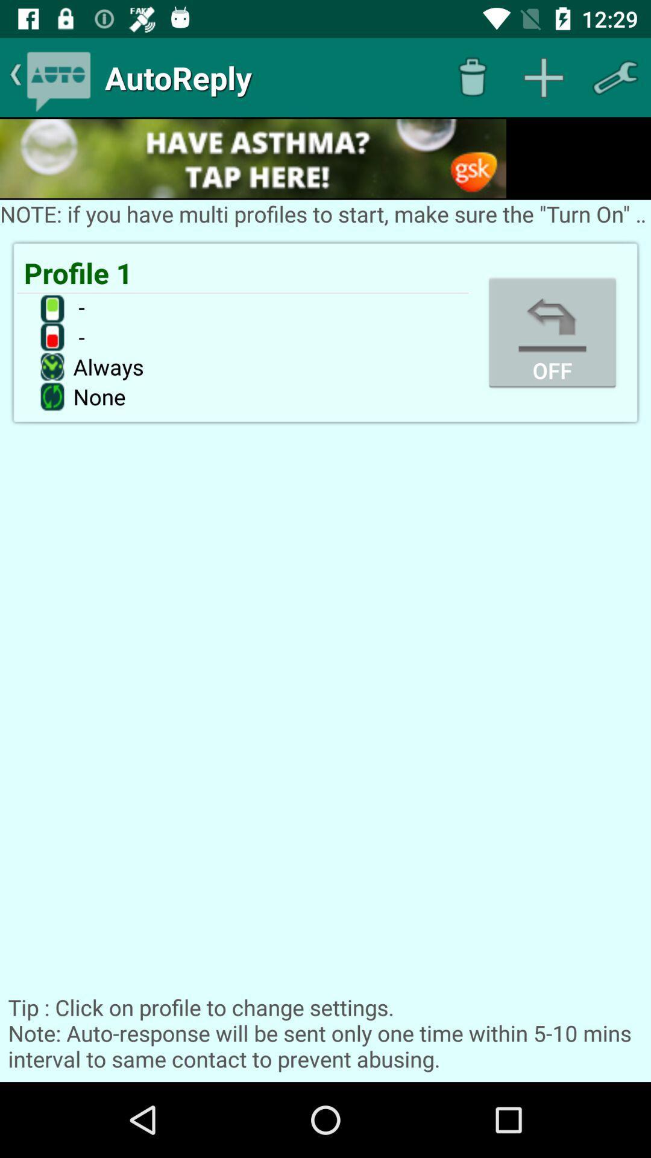  What do you see at coordinates (253, 157) in the screenshot?
I see `access advertisement` at bounding box center [253, 157].